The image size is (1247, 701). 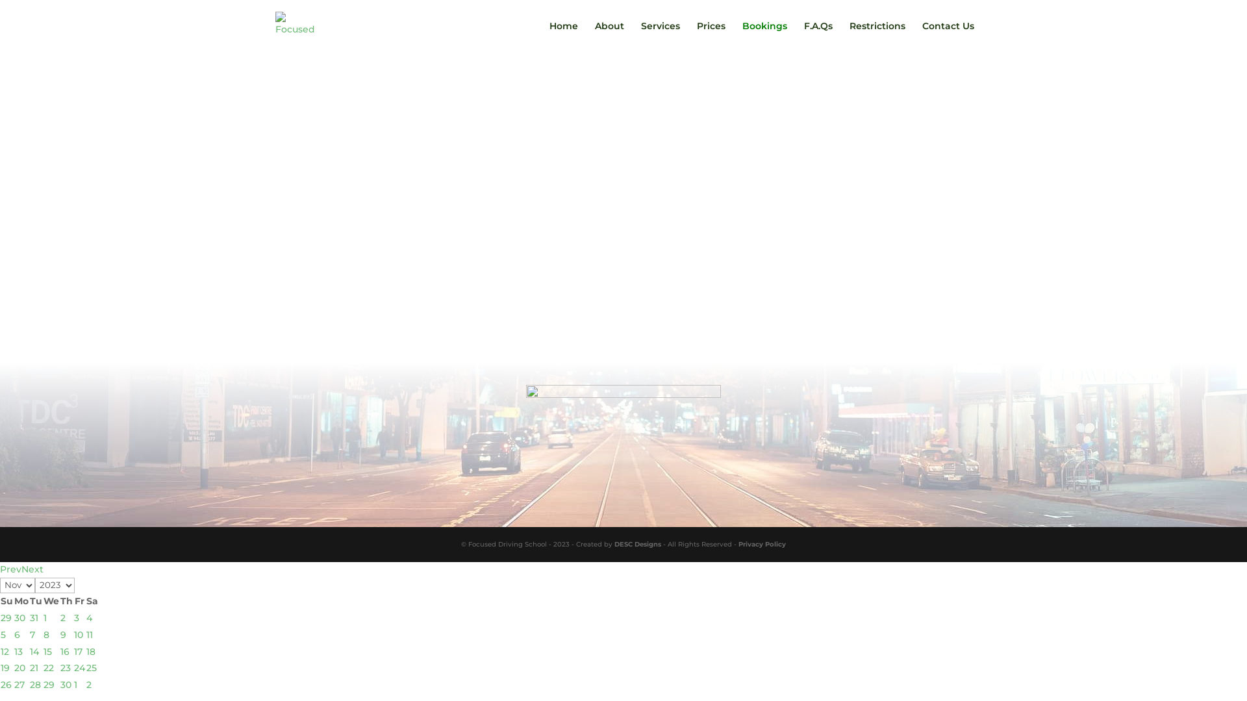 What do you see at coordinates (0, 651) in the screenshot?
I see `'12'` at bounding box center [0, 651].